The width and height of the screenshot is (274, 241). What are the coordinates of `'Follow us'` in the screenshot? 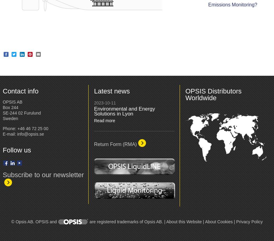 It's located at (16, 149).